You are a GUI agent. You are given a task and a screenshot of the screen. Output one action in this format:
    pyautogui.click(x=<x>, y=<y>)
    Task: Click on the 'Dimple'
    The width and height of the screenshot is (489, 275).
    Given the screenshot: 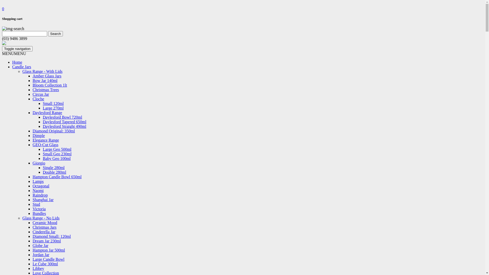 What is the action you would take?
    pyautogui.click(x=38, y=135)
    